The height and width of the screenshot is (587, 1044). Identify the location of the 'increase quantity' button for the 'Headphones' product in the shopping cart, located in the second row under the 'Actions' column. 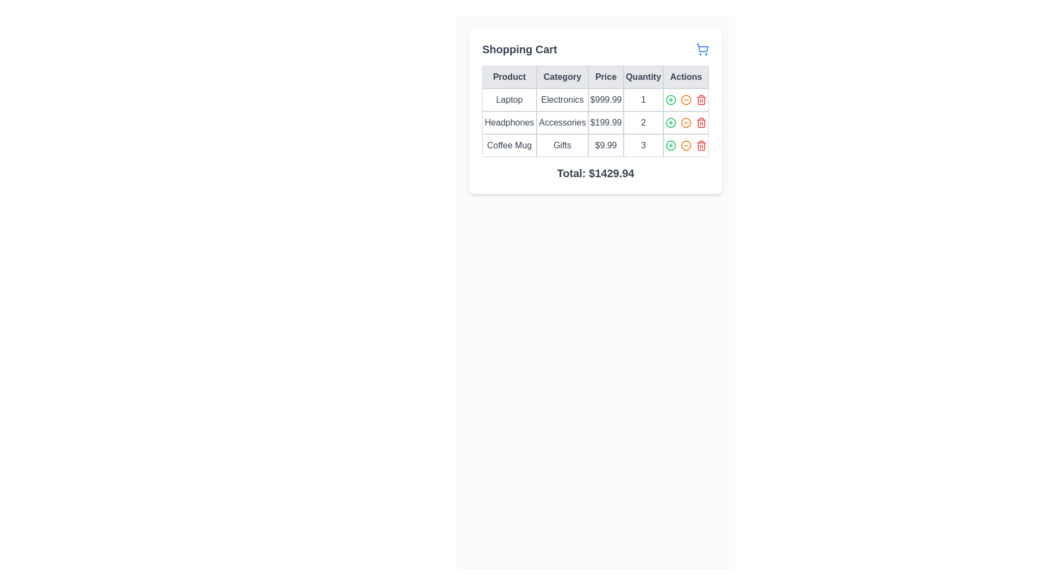
(670, 122).